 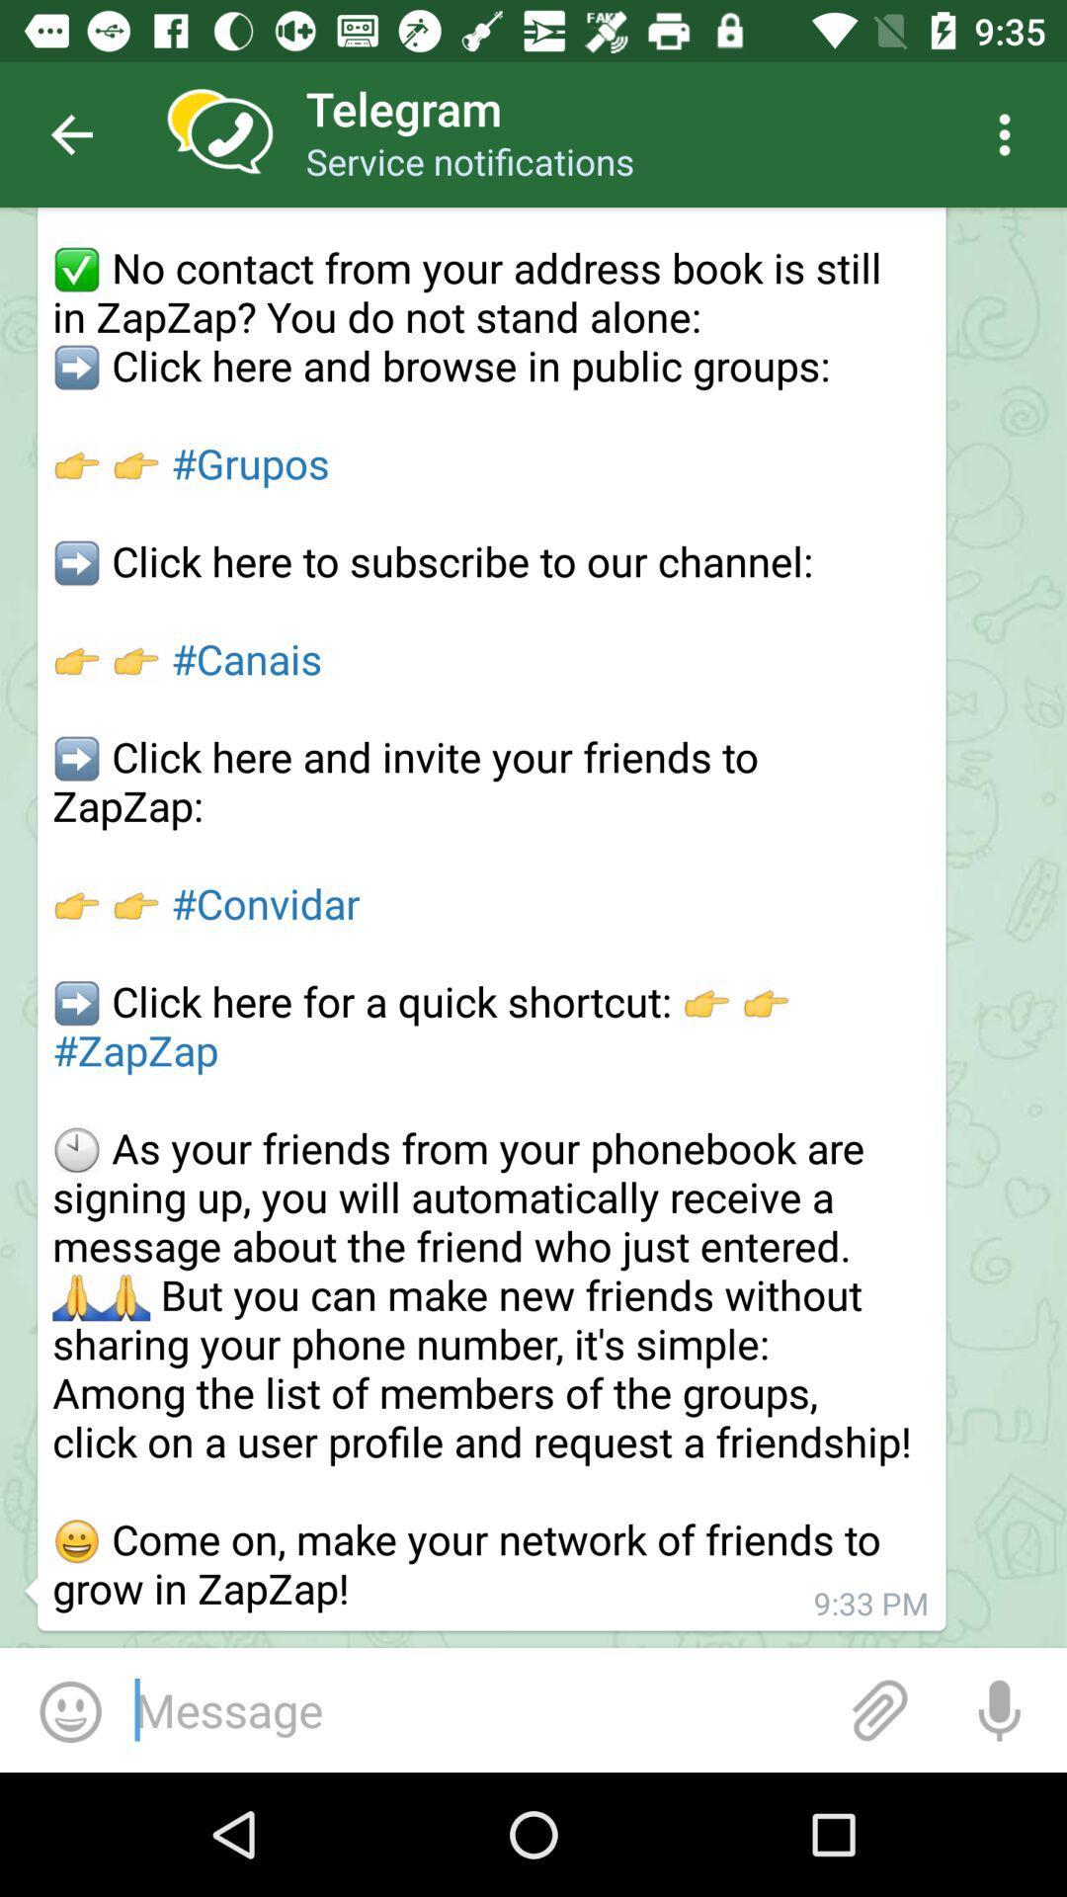 What do you see at coordinates (879, 1709) in the screenshot?
I see `the attach_file icon` at bounding box center [879, 1709].